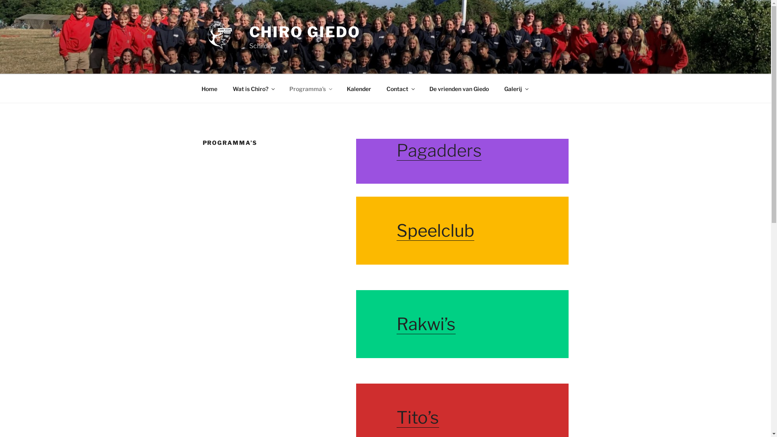 This screenshot has height=437, width=777. What do you see at coordinates (515, 88) in the screenshot?
I see `'Galerij'` at bounding box center [515, 88].